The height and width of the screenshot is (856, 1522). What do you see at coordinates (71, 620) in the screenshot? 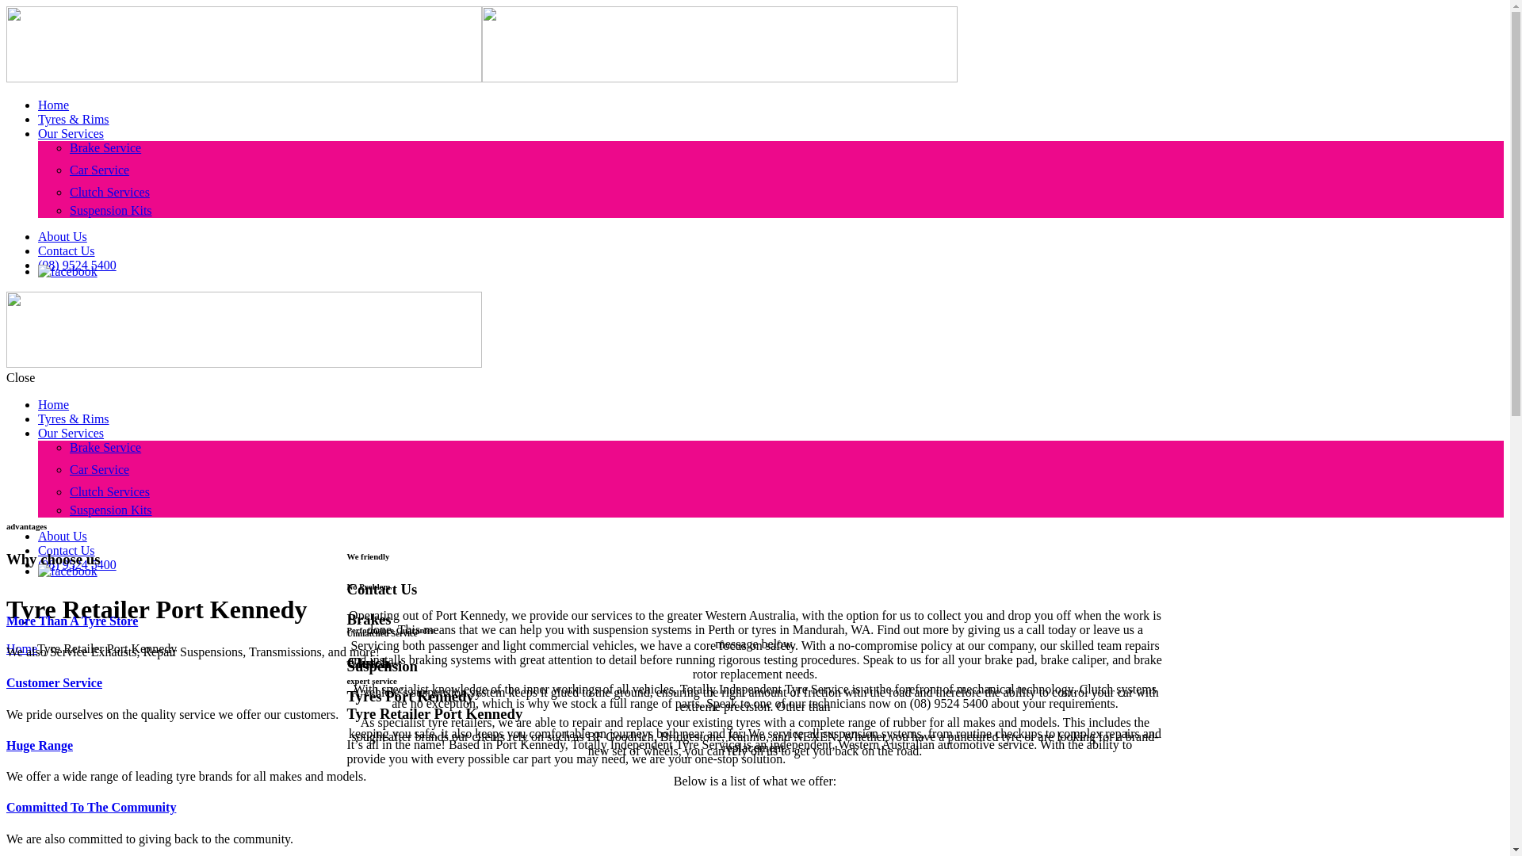
I see `'More Than A Tyre Store'` at bounding box center [71, 620].